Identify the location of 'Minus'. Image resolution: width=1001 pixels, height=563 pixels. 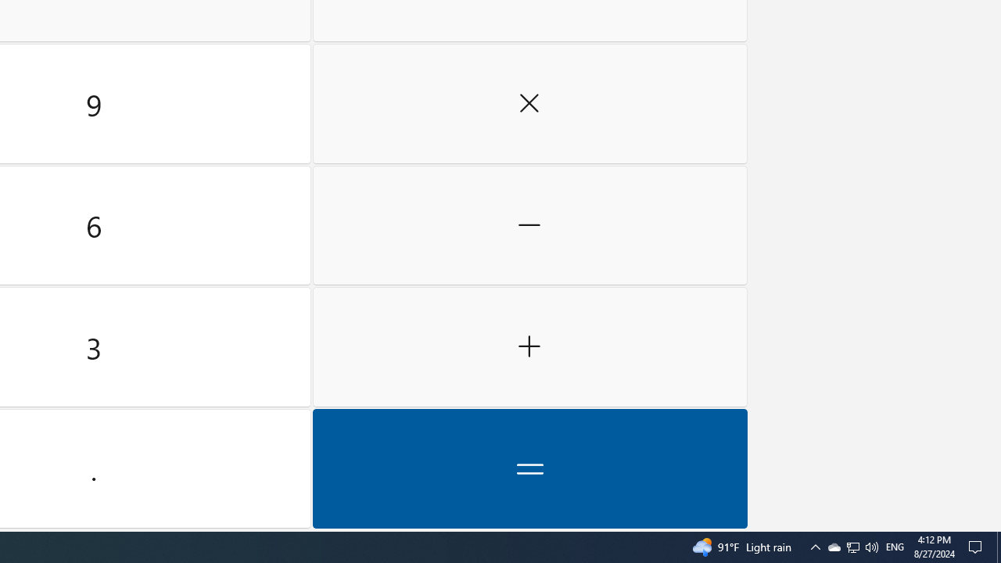
(529, 225).